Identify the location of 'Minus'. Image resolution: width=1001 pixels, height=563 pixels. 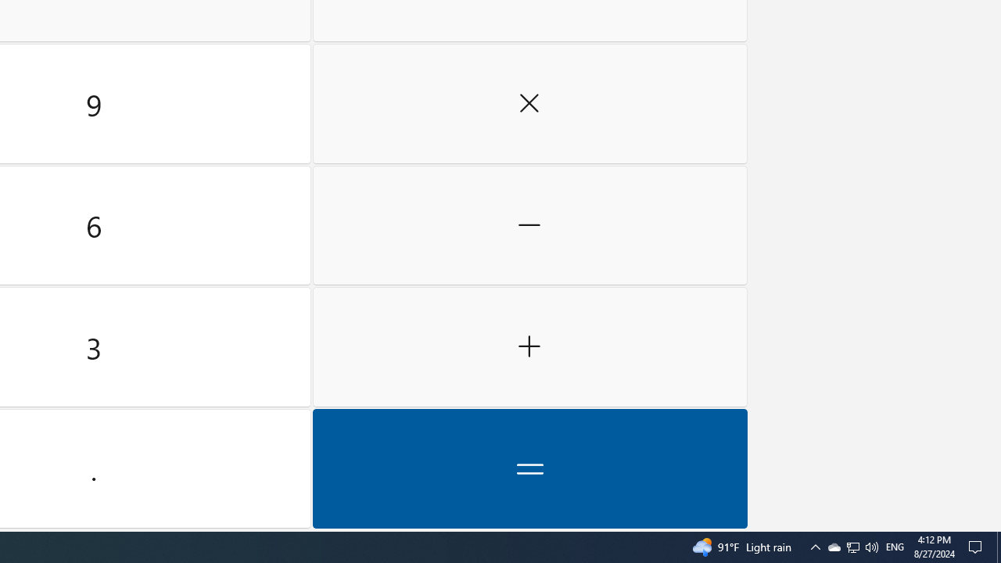
(529, 225).